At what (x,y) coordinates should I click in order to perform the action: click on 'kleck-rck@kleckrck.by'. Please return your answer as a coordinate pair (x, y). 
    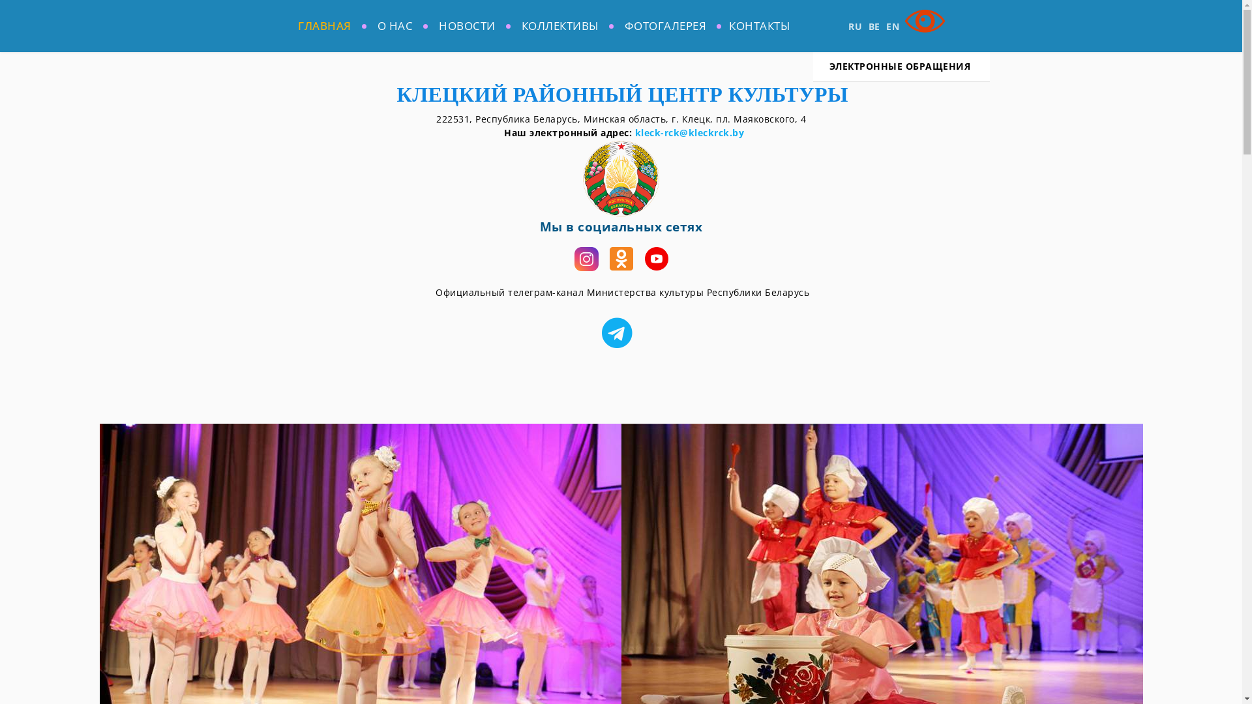
    Looking at the image, I should click on (689, 132).